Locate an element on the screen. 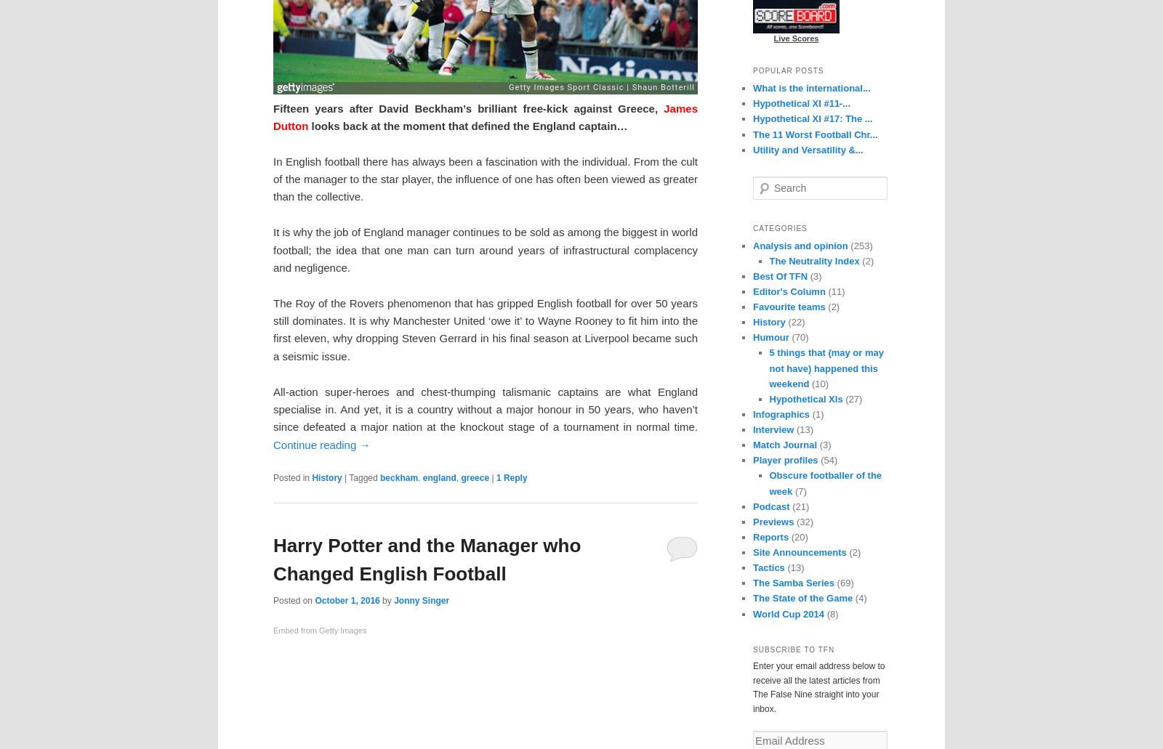 The height and width of the screenshot is (749, 1163). '(27)' is located at coordinates (852, 397).